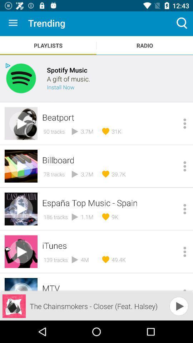 The height and width of the screenshot is (343, 193). I want to click on the play icon, so click(178, 306).